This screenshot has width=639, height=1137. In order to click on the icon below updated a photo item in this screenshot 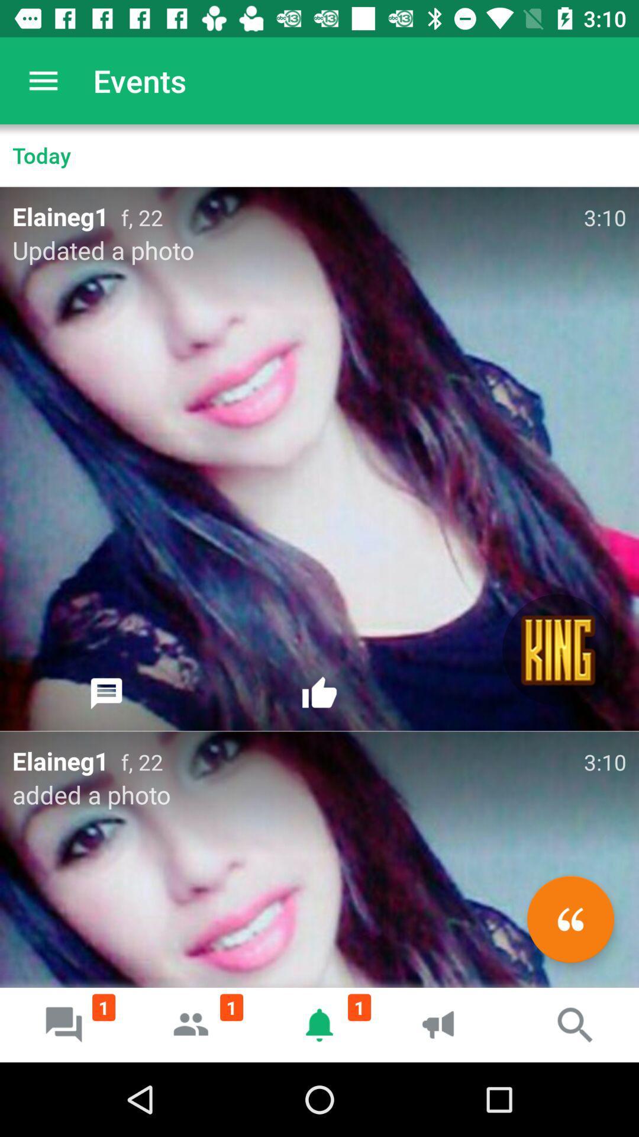, I will do `click(106, 693)`.